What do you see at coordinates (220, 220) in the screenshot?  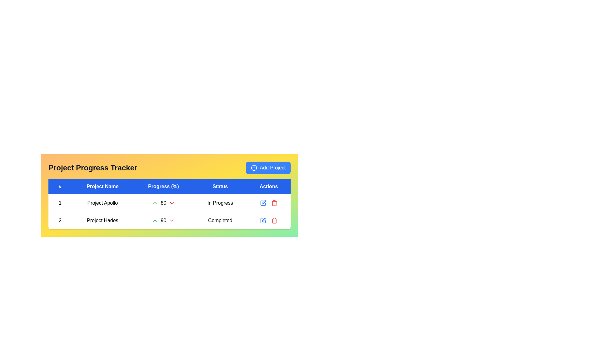 I see `the static text label displaying 'Completed' in black font, located in the last column of the second row of the 'Project Progress Tracker' table` at bounding box center [220, 220].